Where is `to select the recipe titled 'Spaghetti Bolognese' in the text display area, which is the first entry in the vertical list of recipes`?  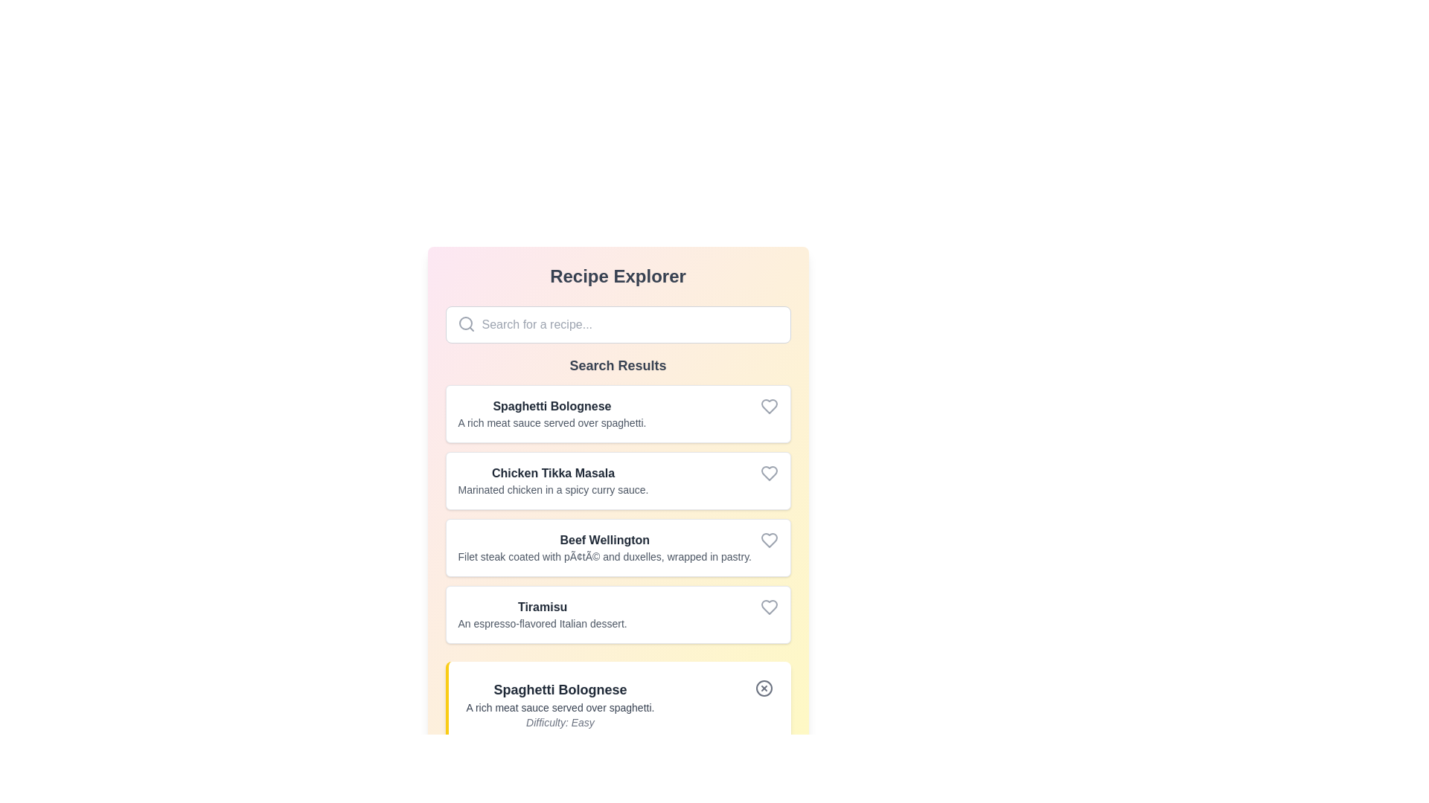 to select the recipe titled 'Spaghetti Bolognese' in the text display area, which is the first entry in the vertical list of recipes is located at coordinates (551, 413).